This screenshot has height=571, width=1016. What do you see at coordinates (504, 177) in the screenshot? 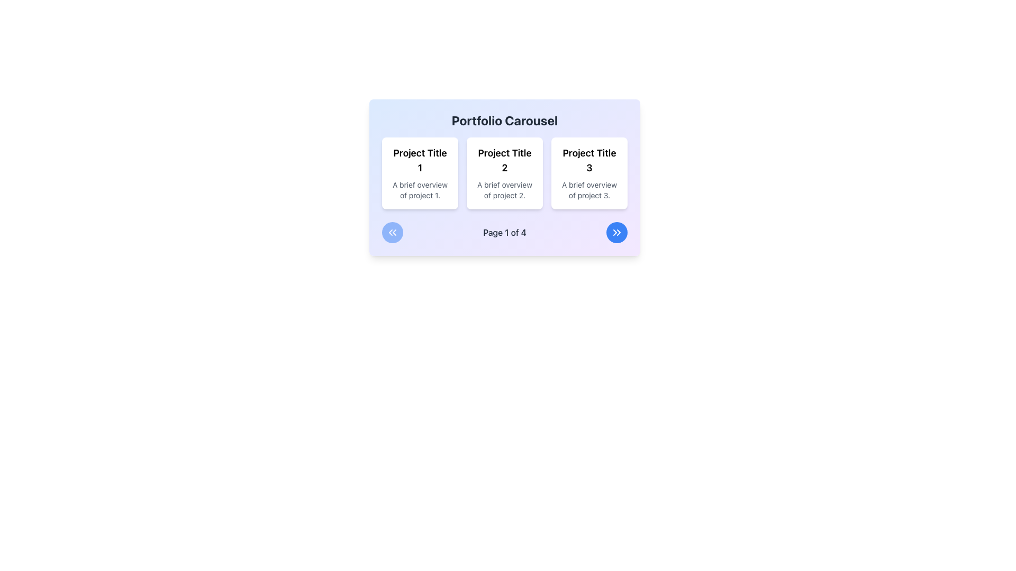
I see `the second Information Card in the Portfolio Carousel, which conveys project details` at bounding box center [504, 177].